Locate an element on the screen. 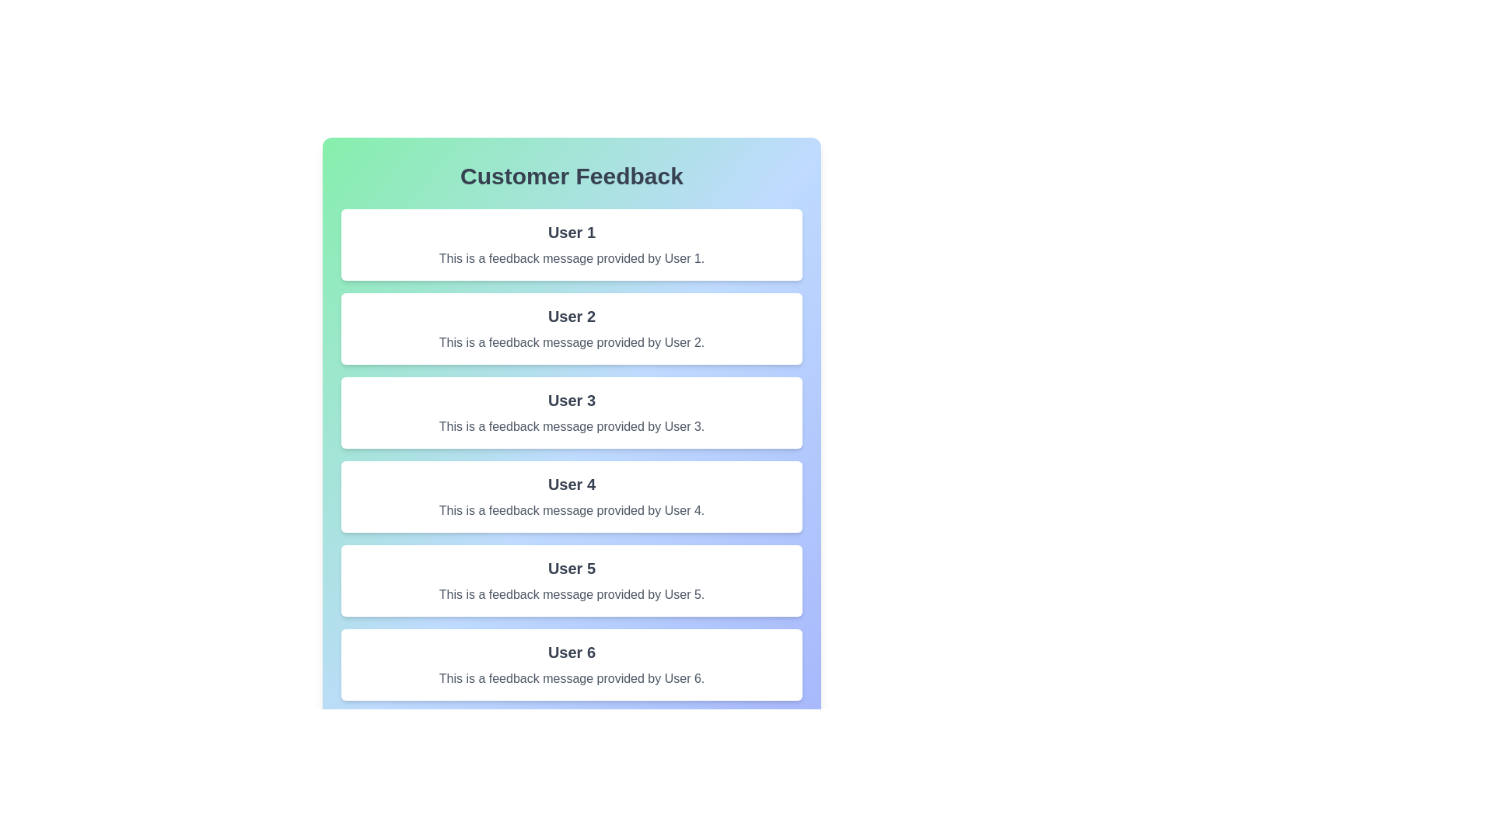 The width and height of the screenshot is (1493, 840). the previous page button located at the bottom left corner of the pagination controls, which is the first button on the left next to 'Page 1 of 5' to apply hover styling is located at coordinates (362, 735).